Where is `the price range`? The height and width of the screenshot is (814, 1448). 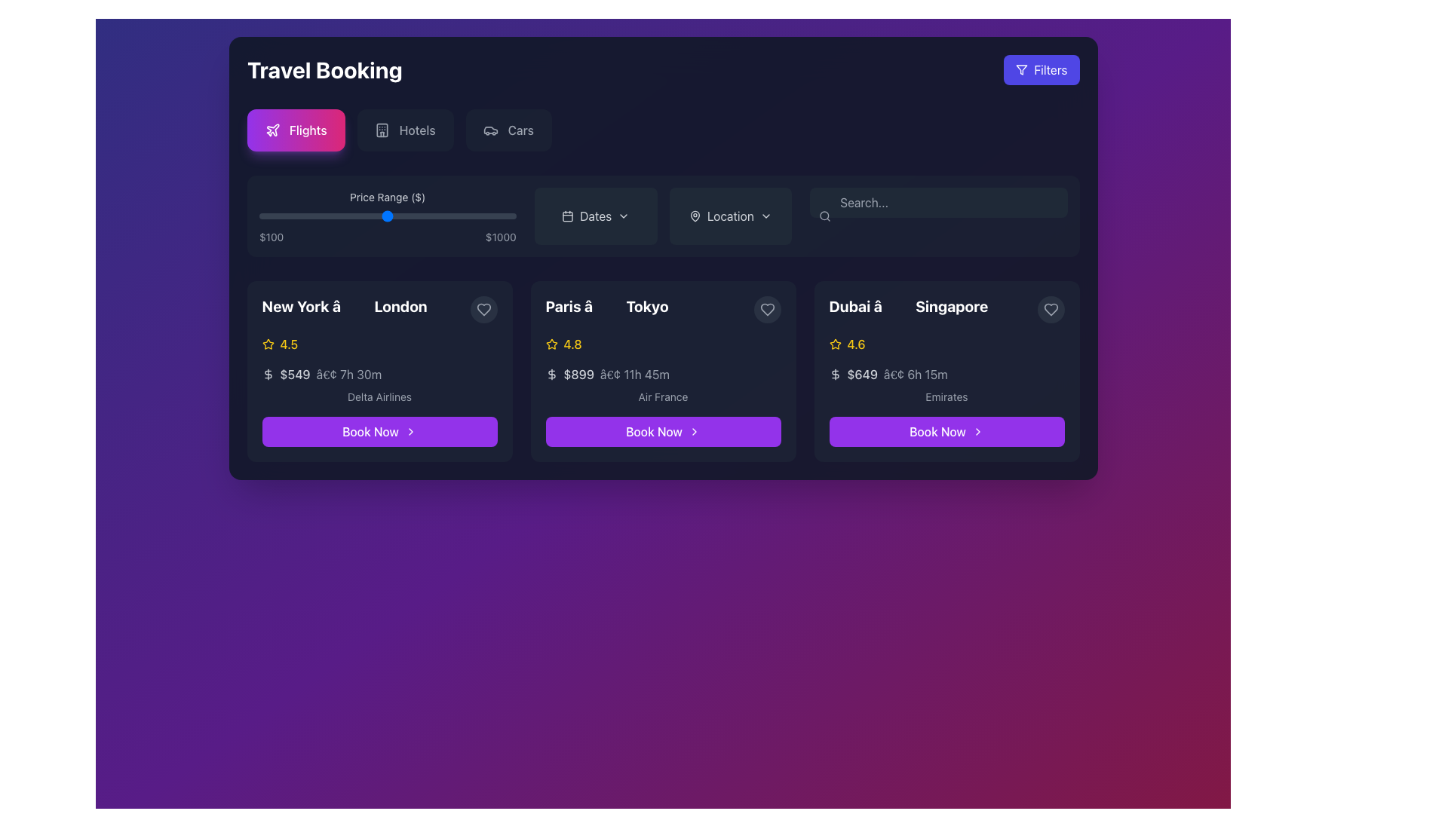
the price range is located at coordinates (372, 216).